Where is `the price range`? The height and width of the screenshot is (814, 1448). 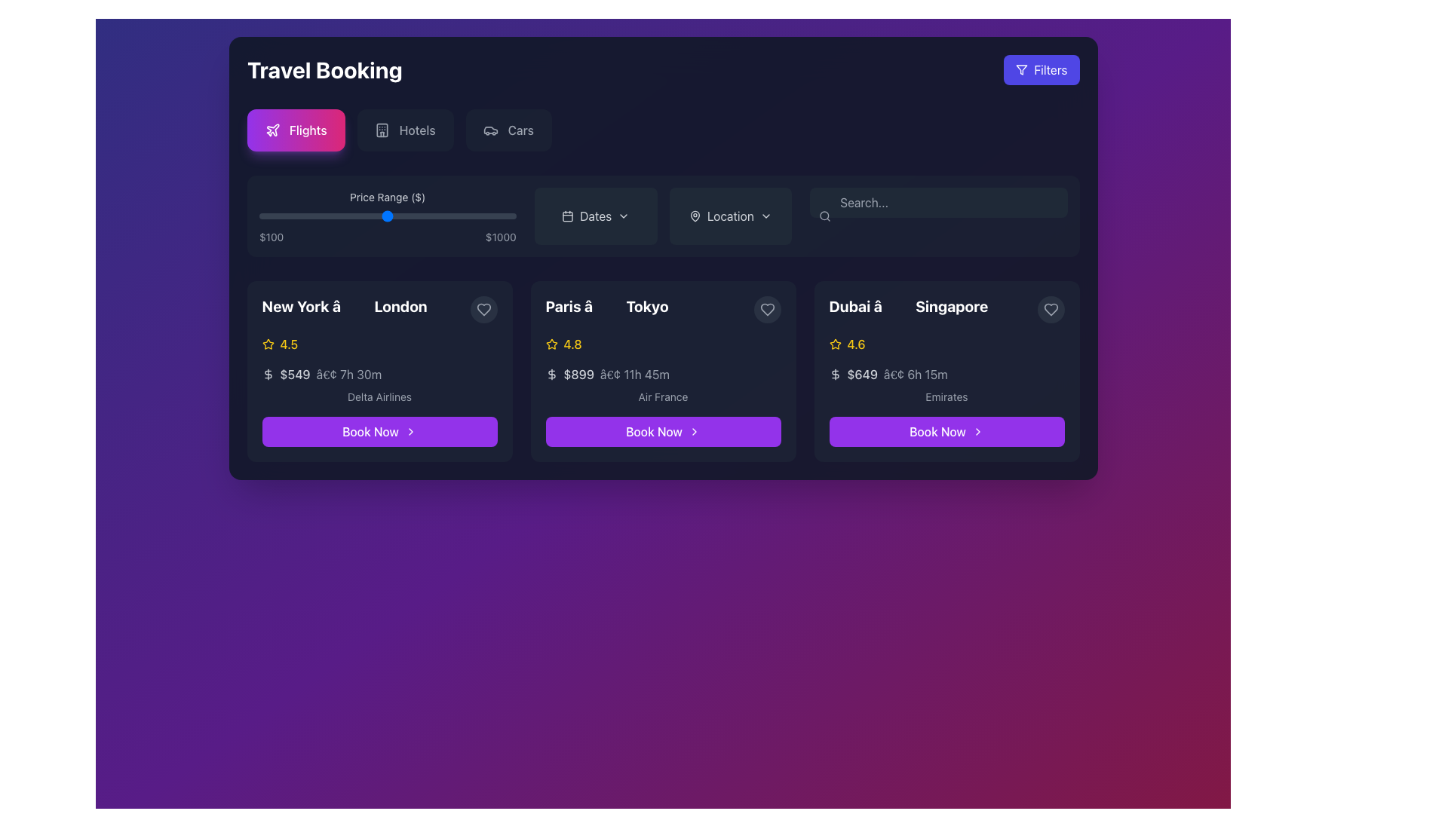
the price range is located at coordinates (372, 216).